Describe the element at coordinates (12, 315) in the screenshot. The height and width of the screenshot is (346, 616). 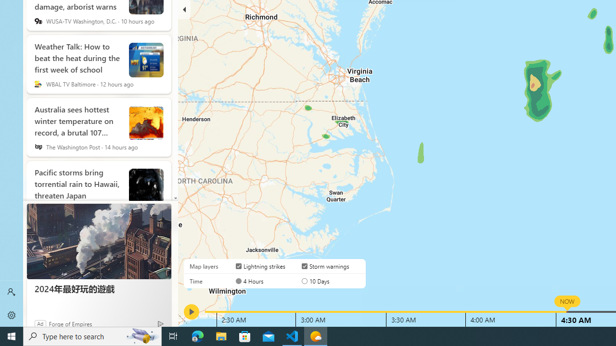
I see `'Settings'` at that location.